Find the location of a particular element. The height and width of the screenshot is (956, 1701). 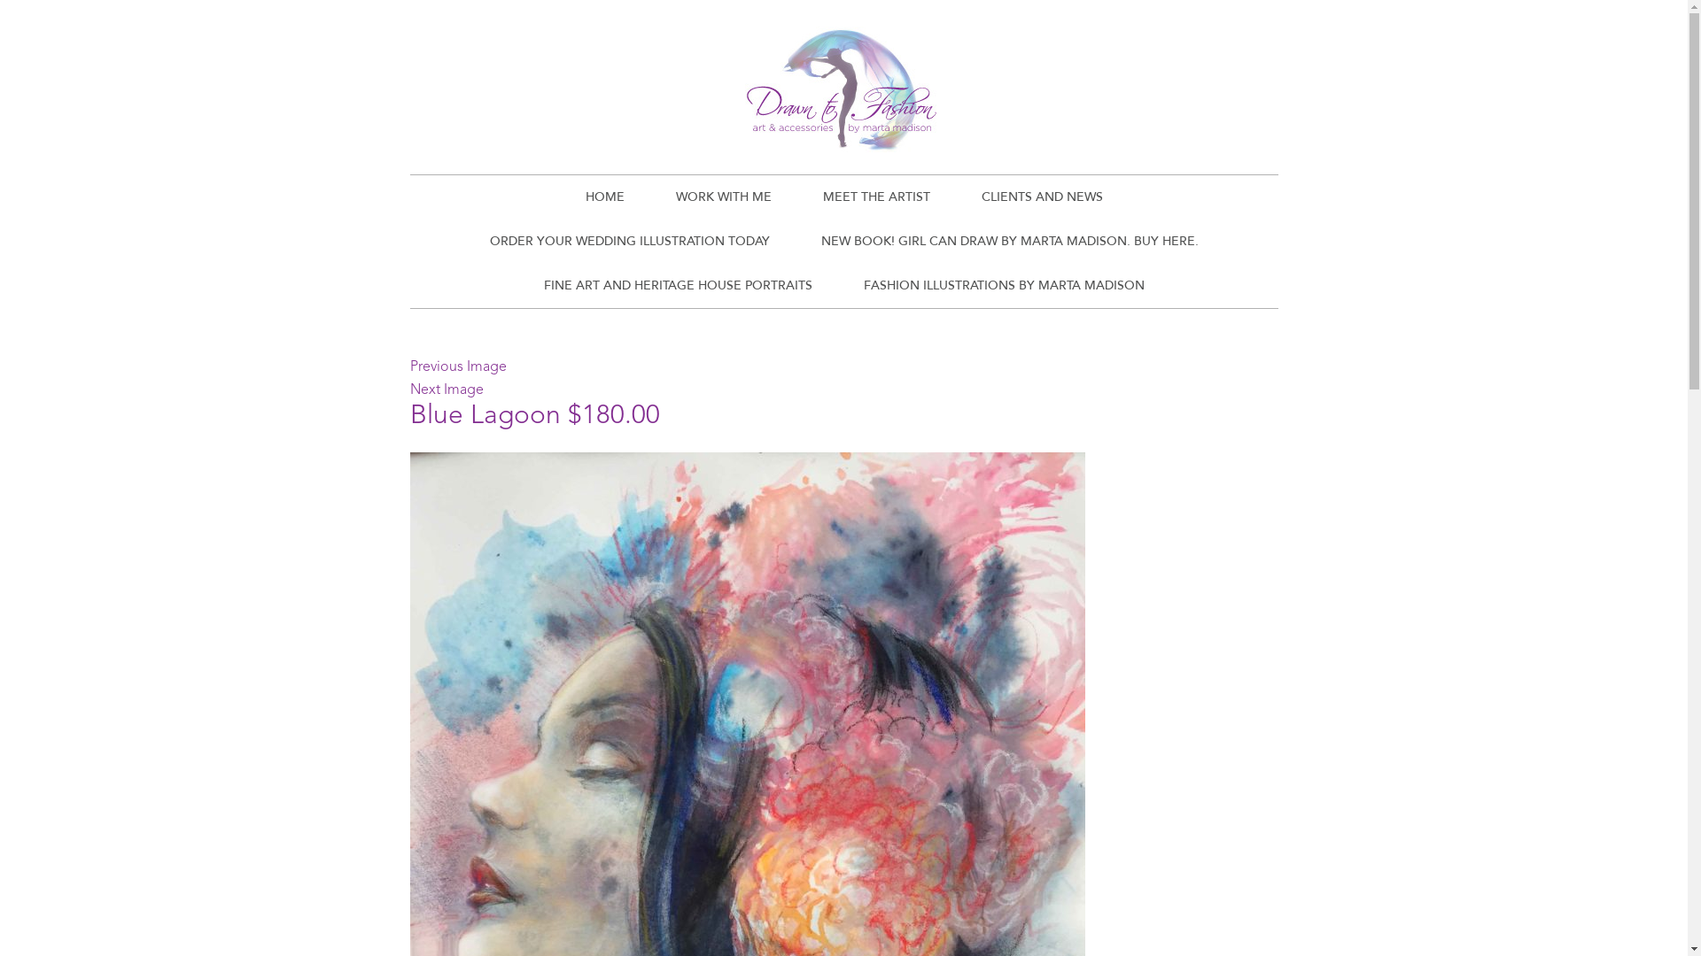

'Next Image' is located at coordinates (408, 389).